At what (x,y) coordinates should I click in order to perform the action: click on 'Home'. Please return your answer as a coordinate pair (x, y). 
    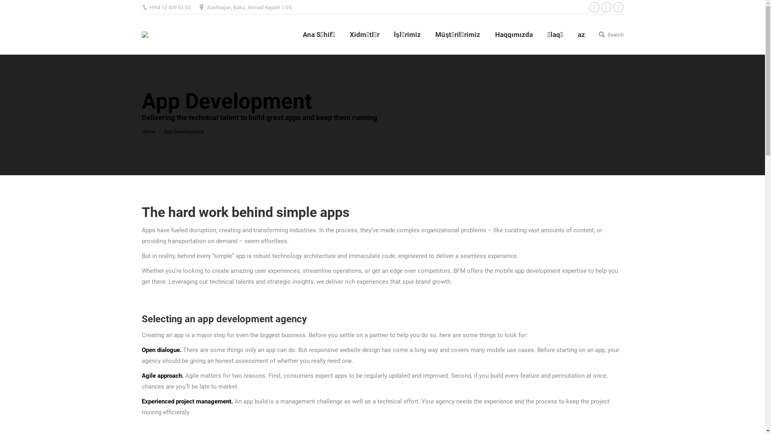
    Looking at the image, I should click on (148, 131).